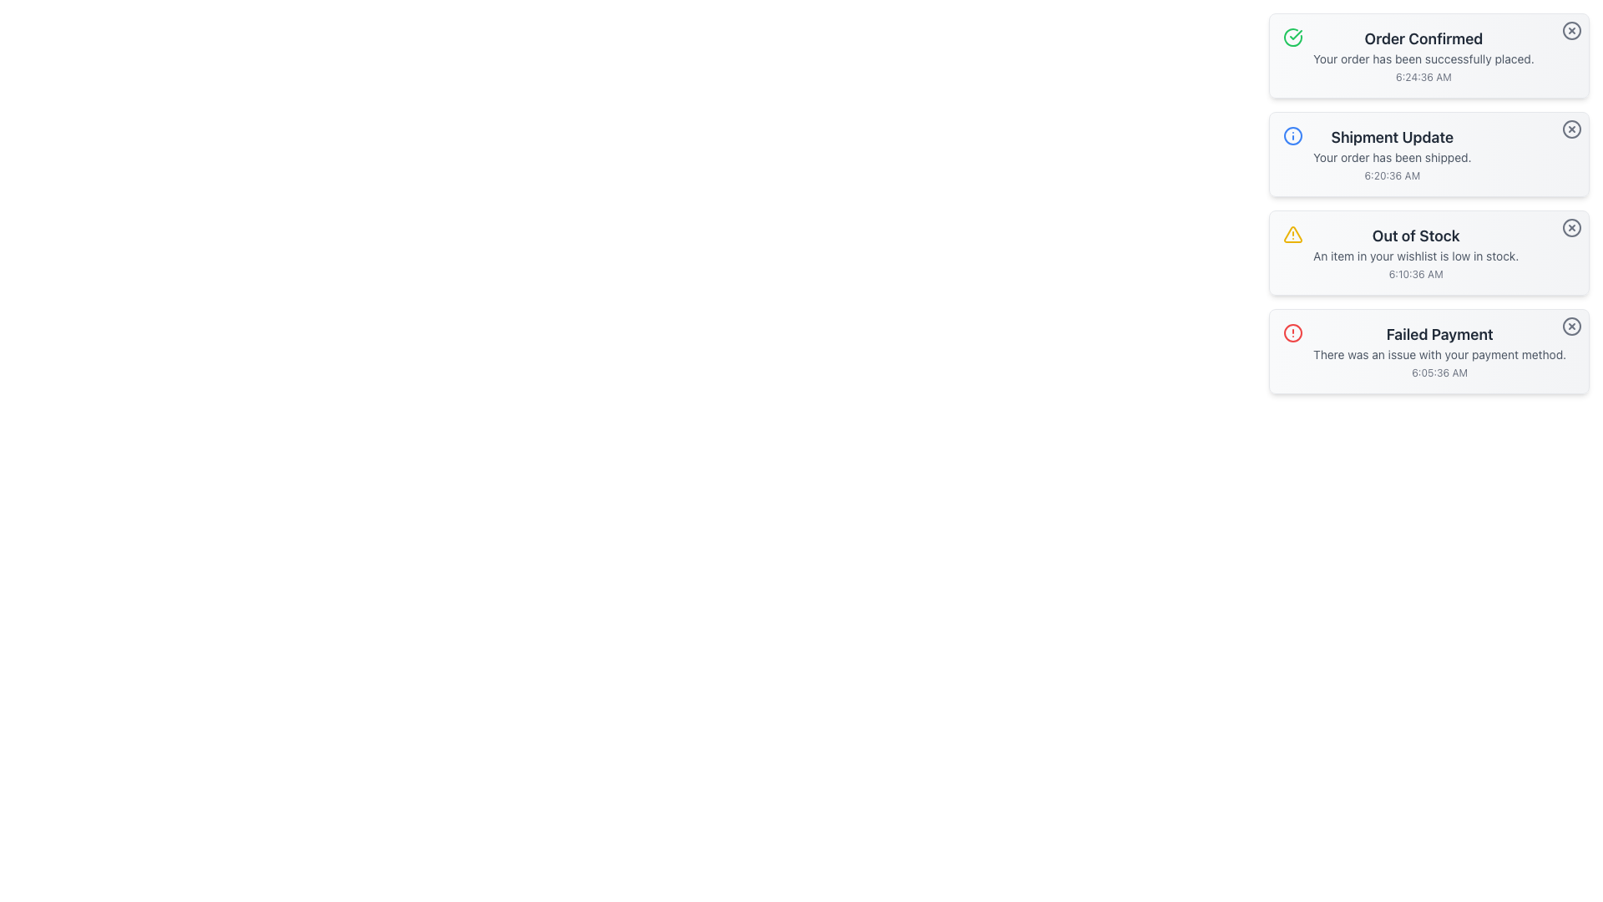  I want to click on the timestamp text label displaying '6:05:36 AM', which is positioned at the bottom of the 'Failed Payment' content block, so click(1439, 372).